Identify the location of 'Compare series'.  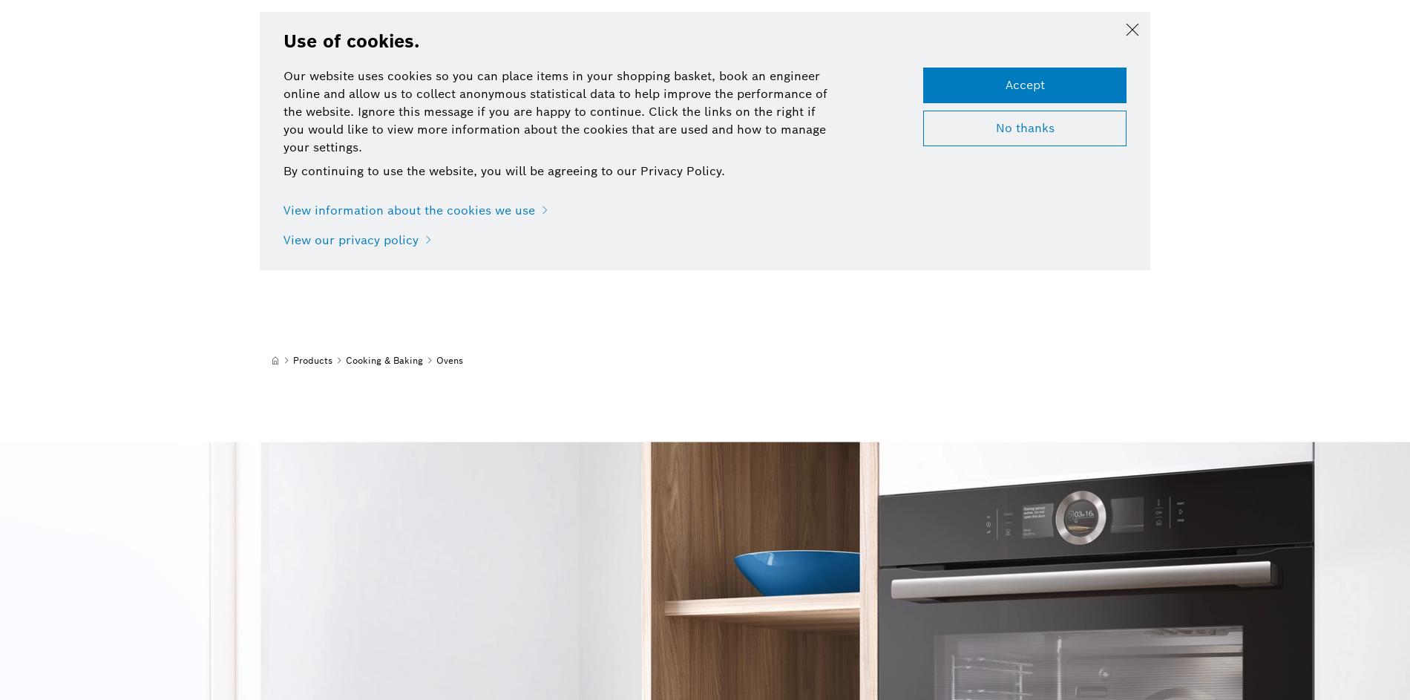
(602, 78).